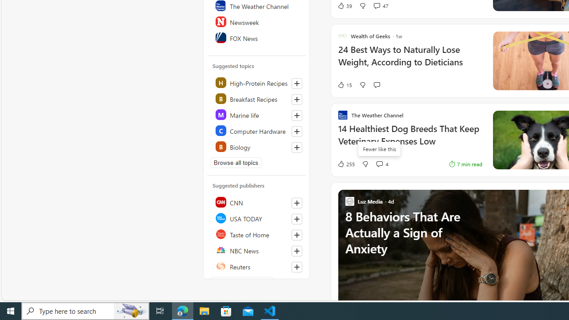 The width and height of the screenshot is (569, 320). Describe the element at coordinates (409, 139) in the screenshot. I see `'14 Healthiest Dog Breeds That Keep Veterinary Expenses Low'` at that location.